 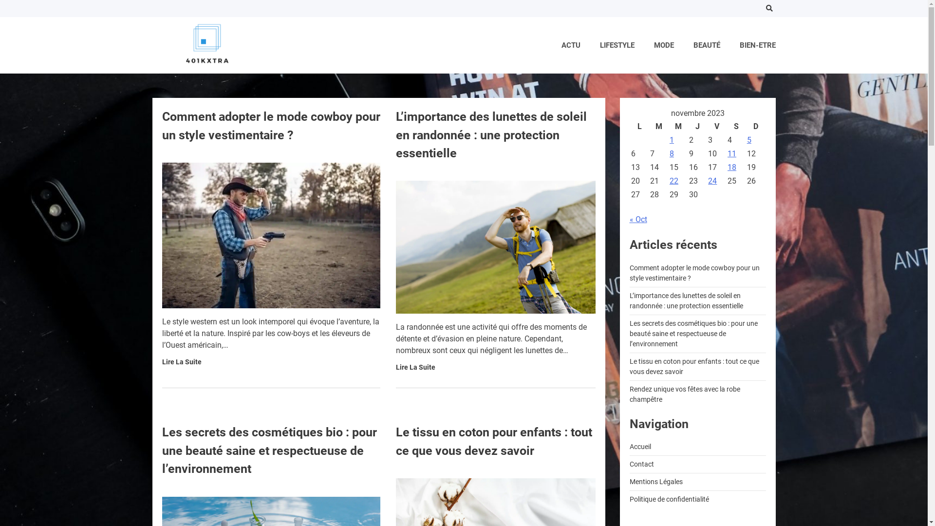 I want to click on 'Comment adopter le mode cowboy pour un style vestimentaire ?', so click(x=271, y=125).